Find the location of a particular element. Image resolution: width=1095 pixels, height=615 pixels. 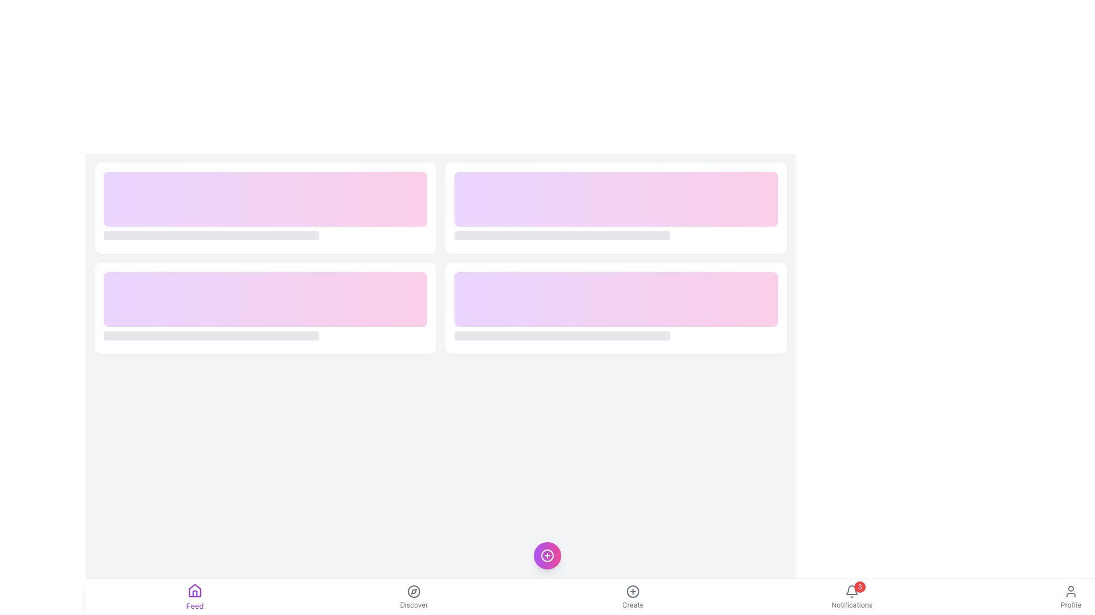

the circular SVG graphic that signifies creation or addition, located in the lower center of the interface for interaction hints is located at coordinates (632, 590).